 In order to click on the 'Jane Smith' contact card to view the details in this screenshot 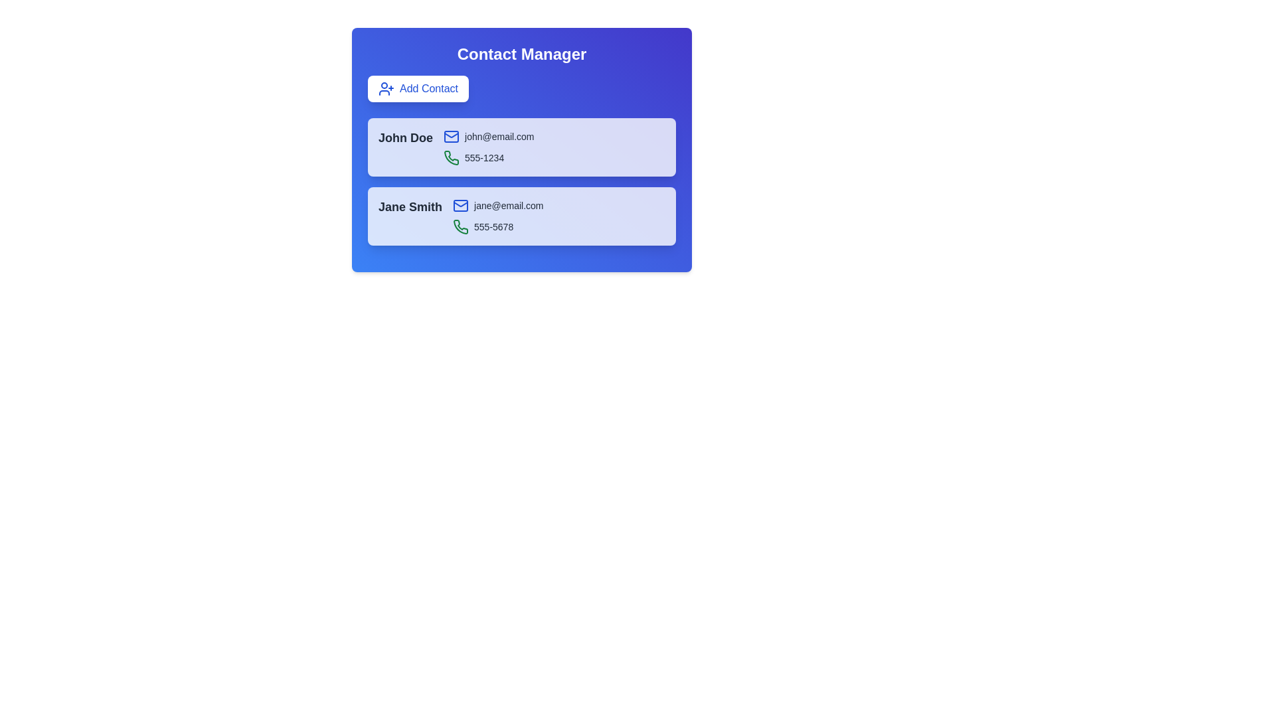, I will do `click(410, 207)`.